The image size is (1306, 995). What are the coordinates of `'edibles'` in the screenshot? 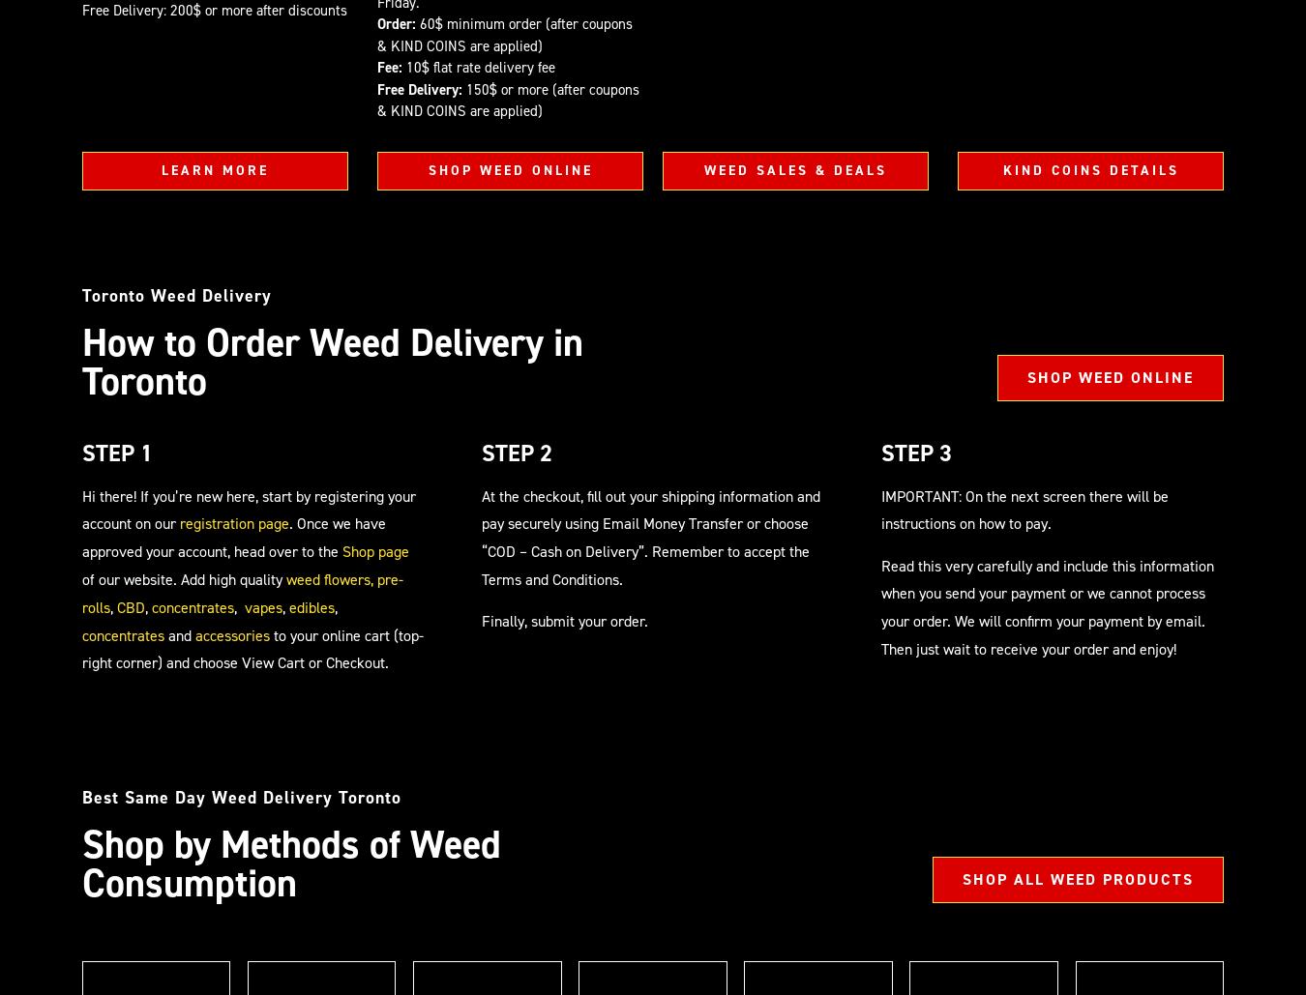 It's located at (311, 606).